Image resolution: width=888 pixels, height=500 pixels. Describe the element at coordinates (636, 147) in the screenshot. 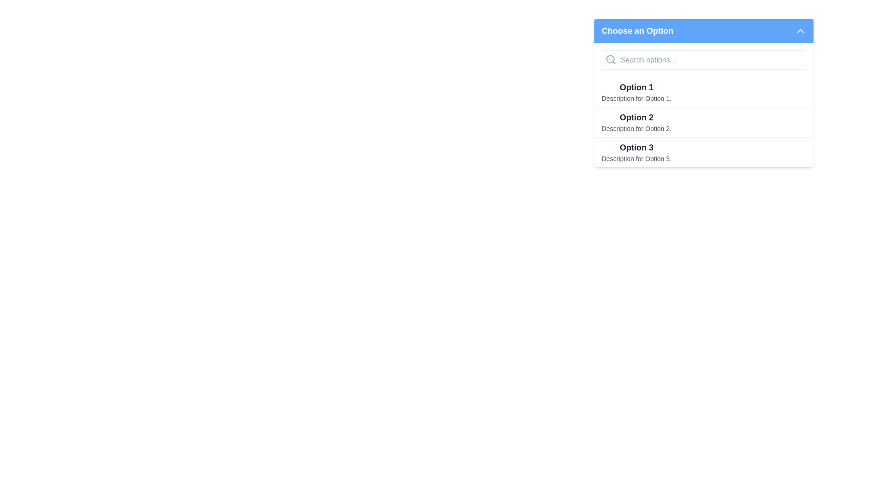

I see `the bold text heading 'Option 3' in the dropdown menu labeled 'Choose an Option'` at that location.